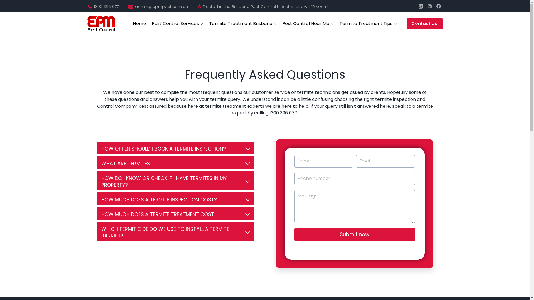  What do you see at coordinates (308, 23) in the screenshot?
I see `'Pest Control Near Me'` at bounding box center [308, 23].